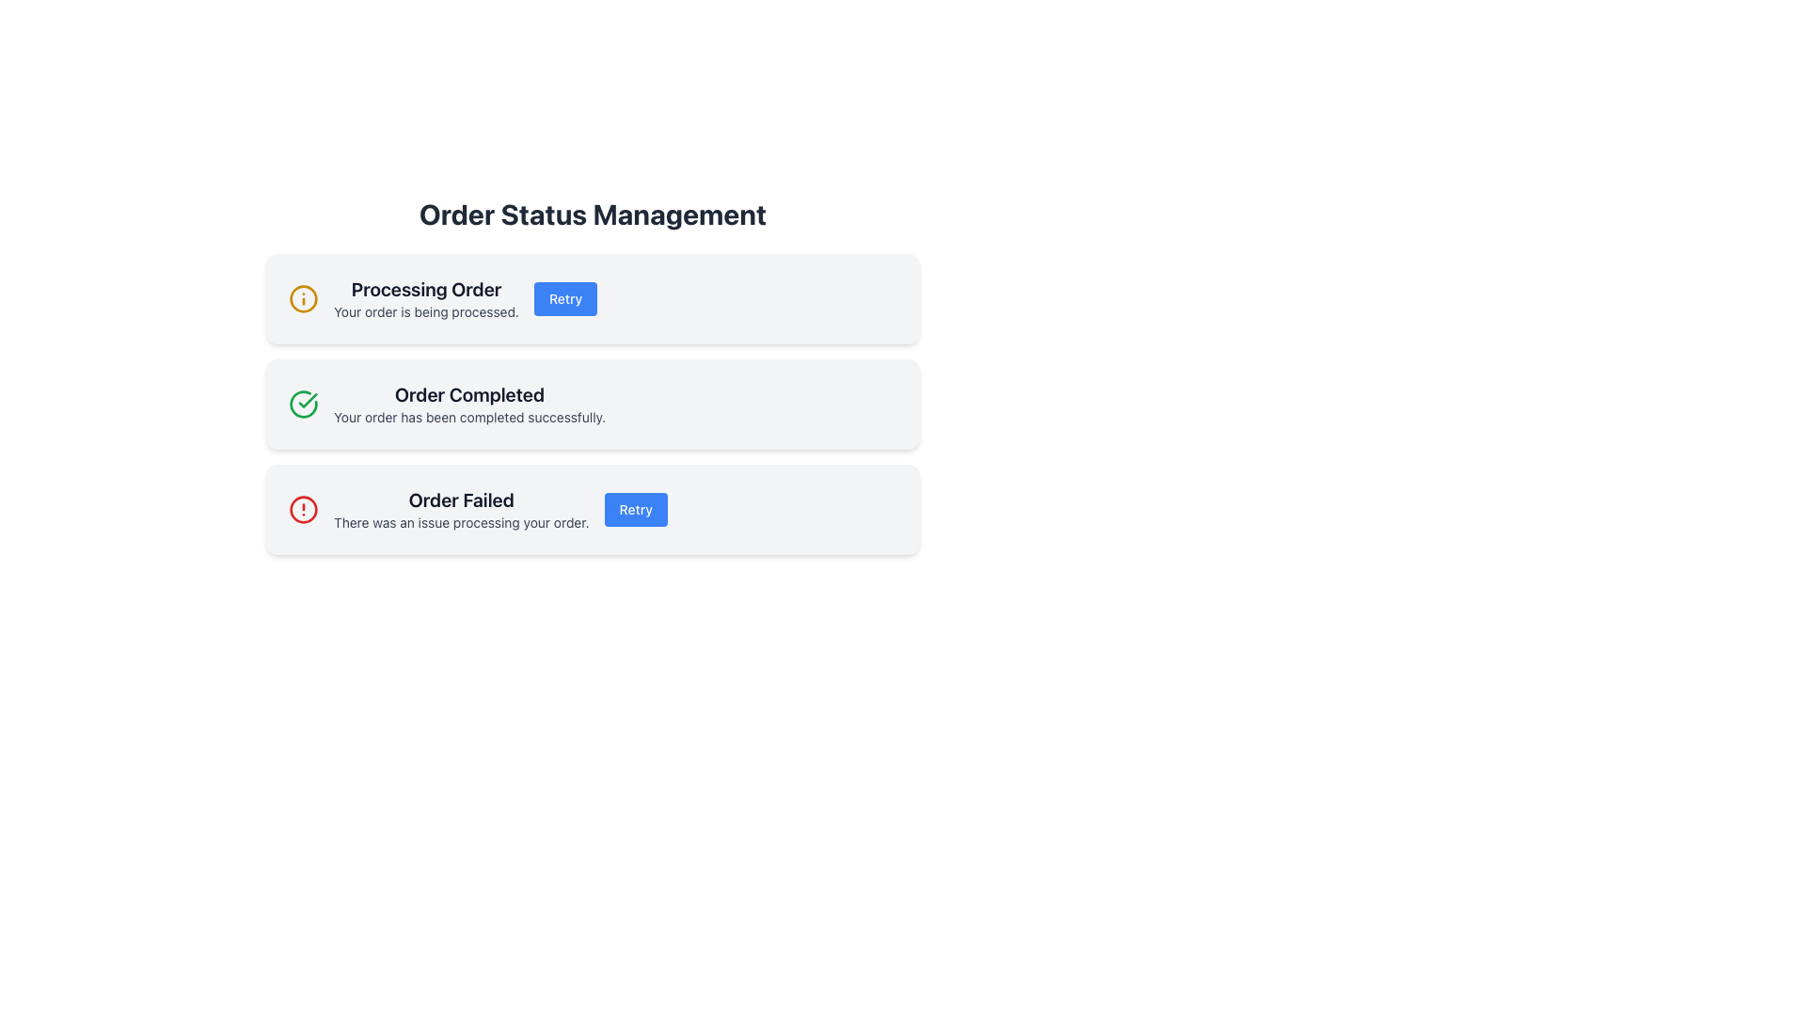 The height and width of the screenshot is (1016, 1806). I want to click on the success icon indicating the completion of an order, which is located on the leftmost side of the 'Order Completed' status box, so click(303, 403).